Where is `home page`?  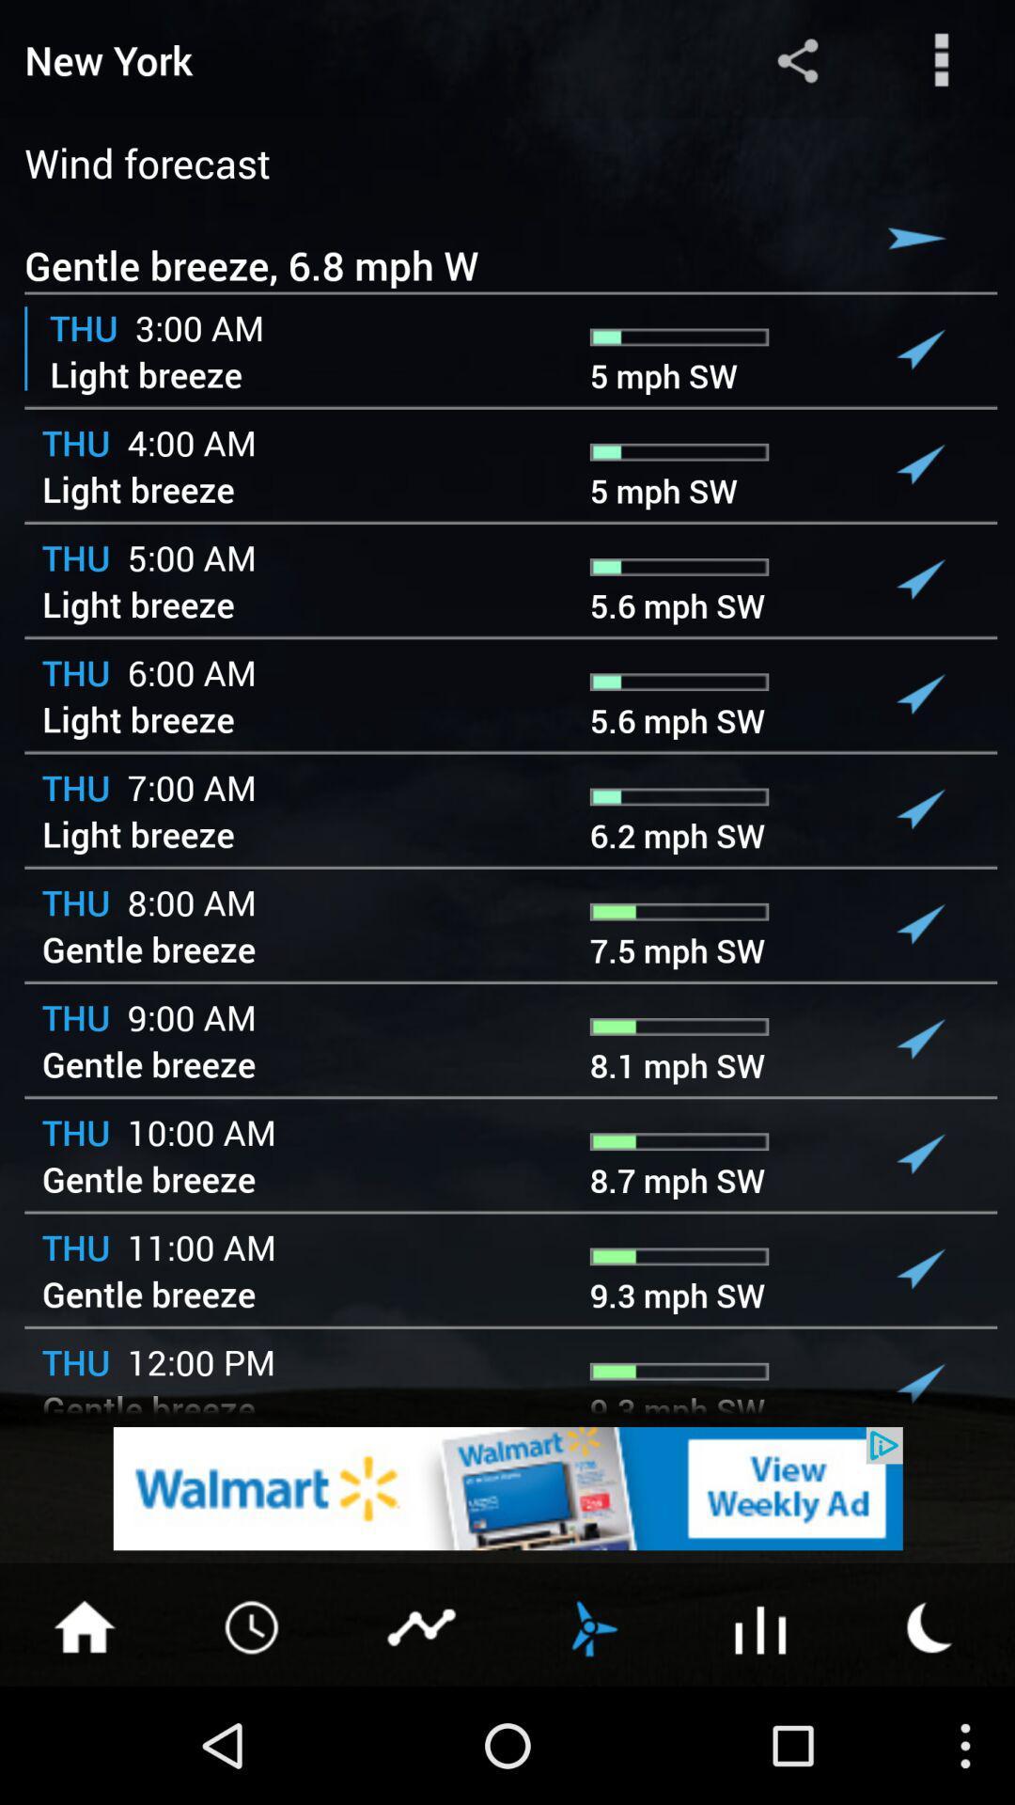
home page is located at coordinates (83, 1624).